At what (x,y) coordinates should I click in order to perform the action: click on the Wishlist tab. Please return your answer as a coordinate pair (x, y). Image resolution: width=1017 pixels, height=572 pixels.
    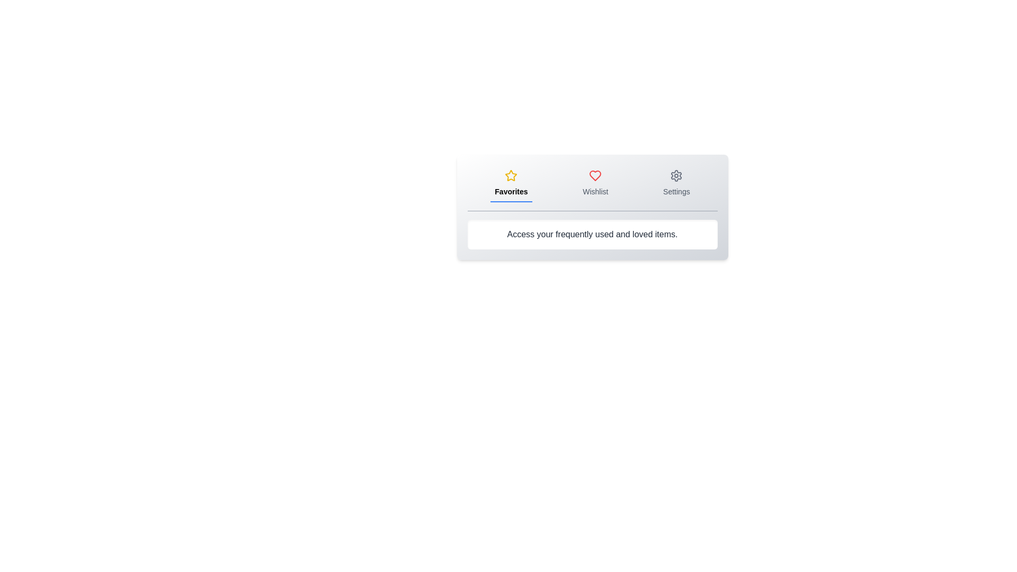
    Looking at the image, I should click on (595, 183).